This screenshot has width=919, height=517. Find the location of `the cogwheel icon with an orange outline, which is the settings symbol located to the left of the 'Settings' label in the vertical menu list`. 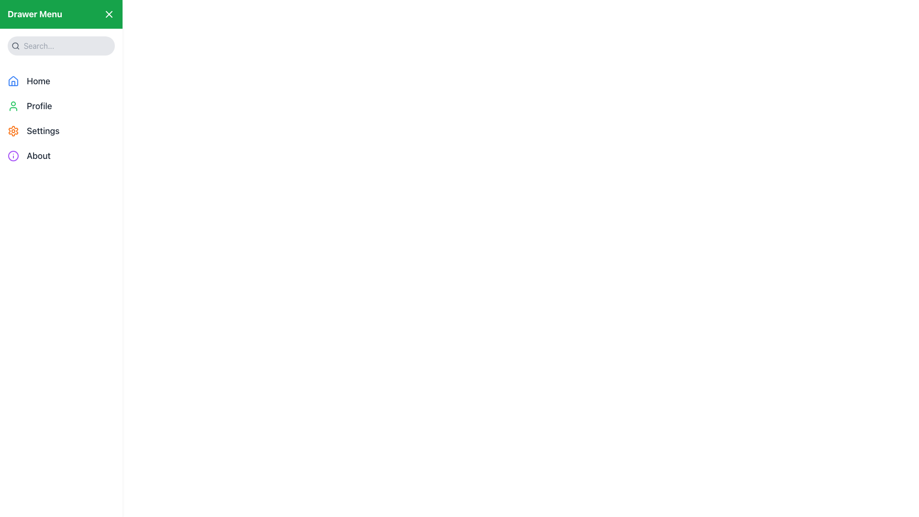

the cogwheel icon with an orange outline, which is the settings symbol located to the left of the 'Settings' label in the vertical menu list is located at coordinates (13, 131).